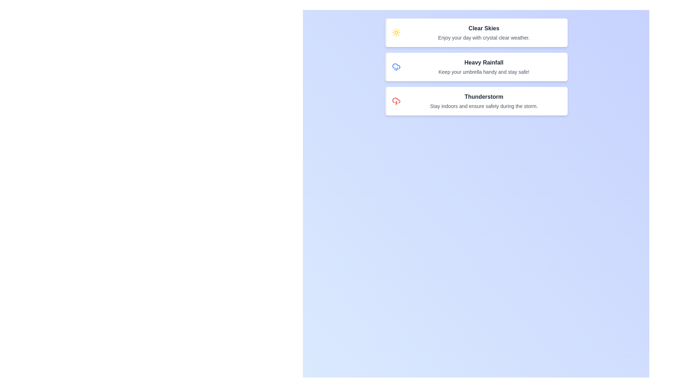 The width and height of the screenshot is (685, 385). What do you see at coordinates (396, 33) in the screenshot?
I see `the icon corresponding to Clear Skies` at bounding box center [396, 33].